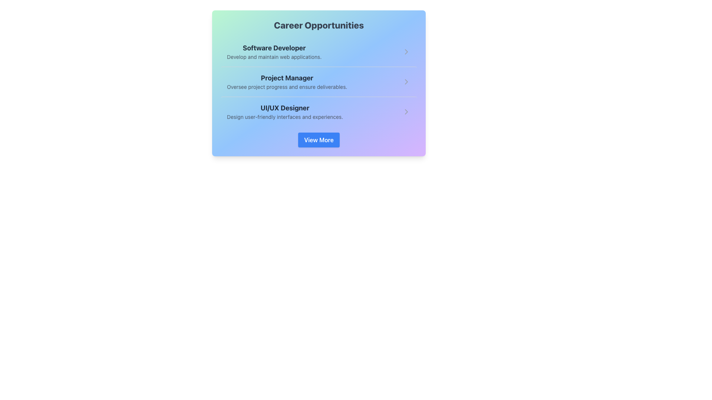 This screenshot has width=712, height=400. What do you see at coordinates (284, 117) in the screenshot?
I see `the text snippet that says 'Design user-friendly interfaces and experiences.' which is styled in a smaller gray font and positioned below the bold gray text 'UI/UX Designer'` at bounding box center [284, 117].